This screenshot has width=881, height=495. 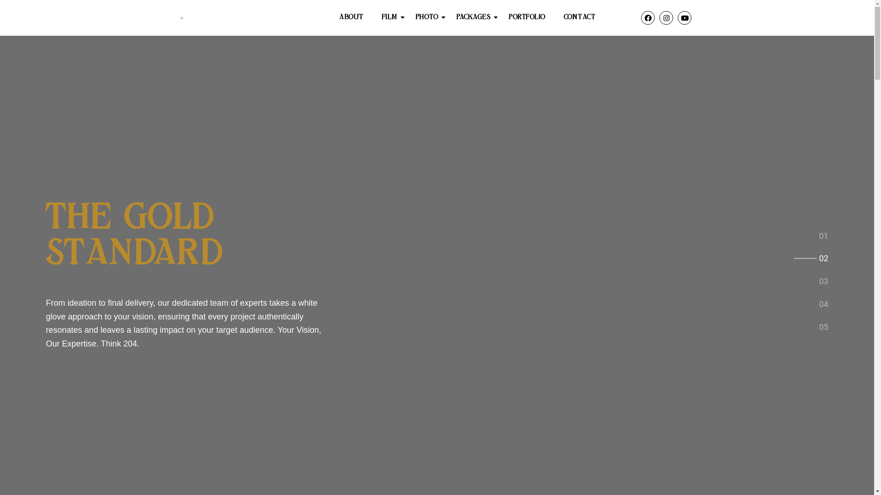 What do you see at coordinates (452, 17) in the screenshot?
I see `'Packages'` at bounding box center [452, 17].